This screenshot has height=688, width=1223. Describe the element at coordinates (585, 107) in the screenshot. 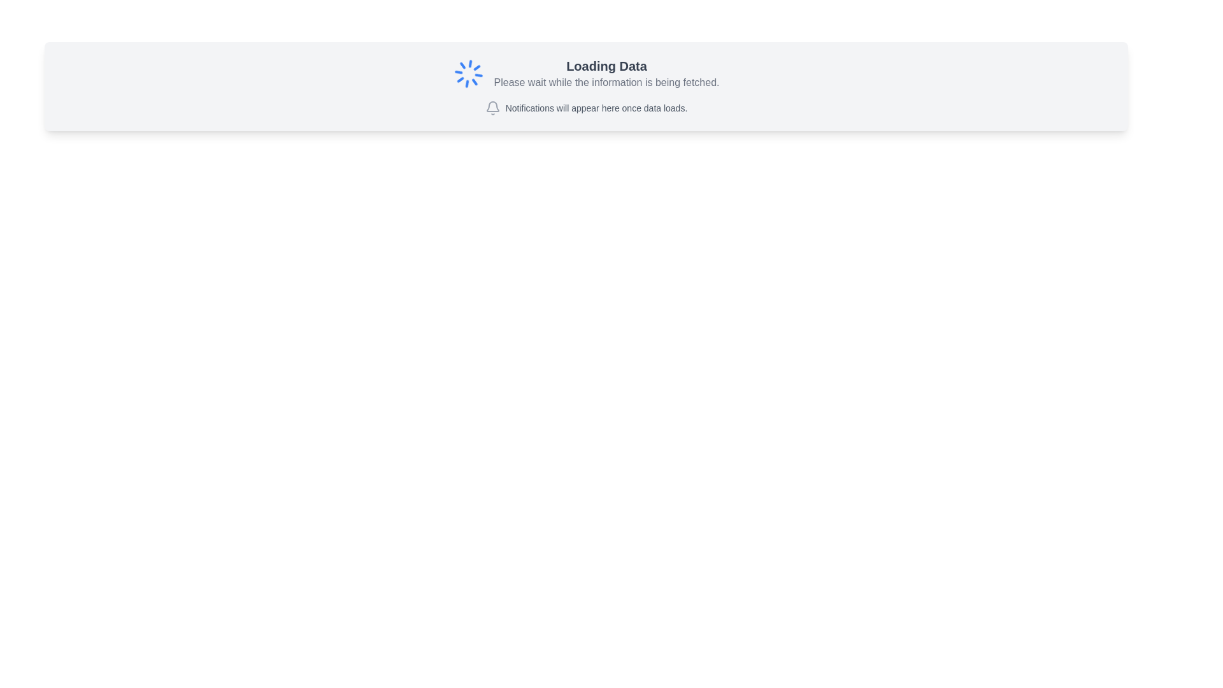

I see `the notification placeholder element, which includes a bell icon and a text label indicating that notifications will appear once data is loaded, located beneath the title 'Loading Data'` at that location.